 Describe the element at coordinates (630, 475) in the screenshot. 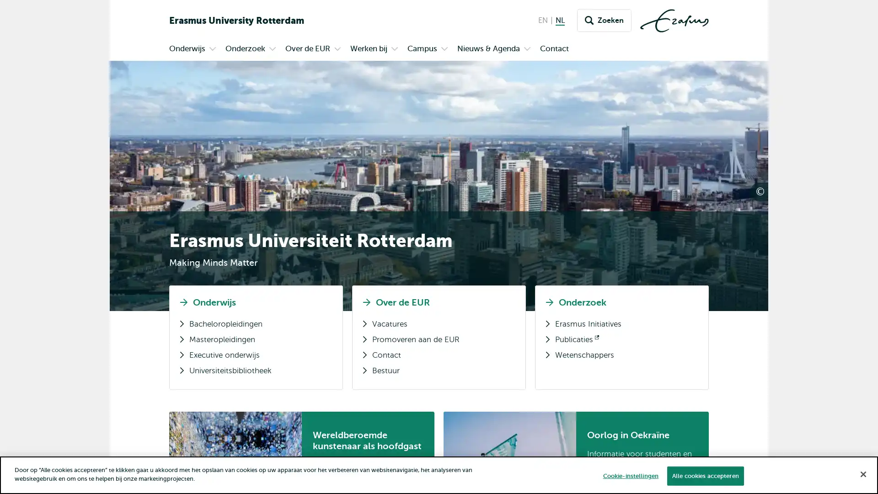

I see `Cookie-instellingen` at that location.